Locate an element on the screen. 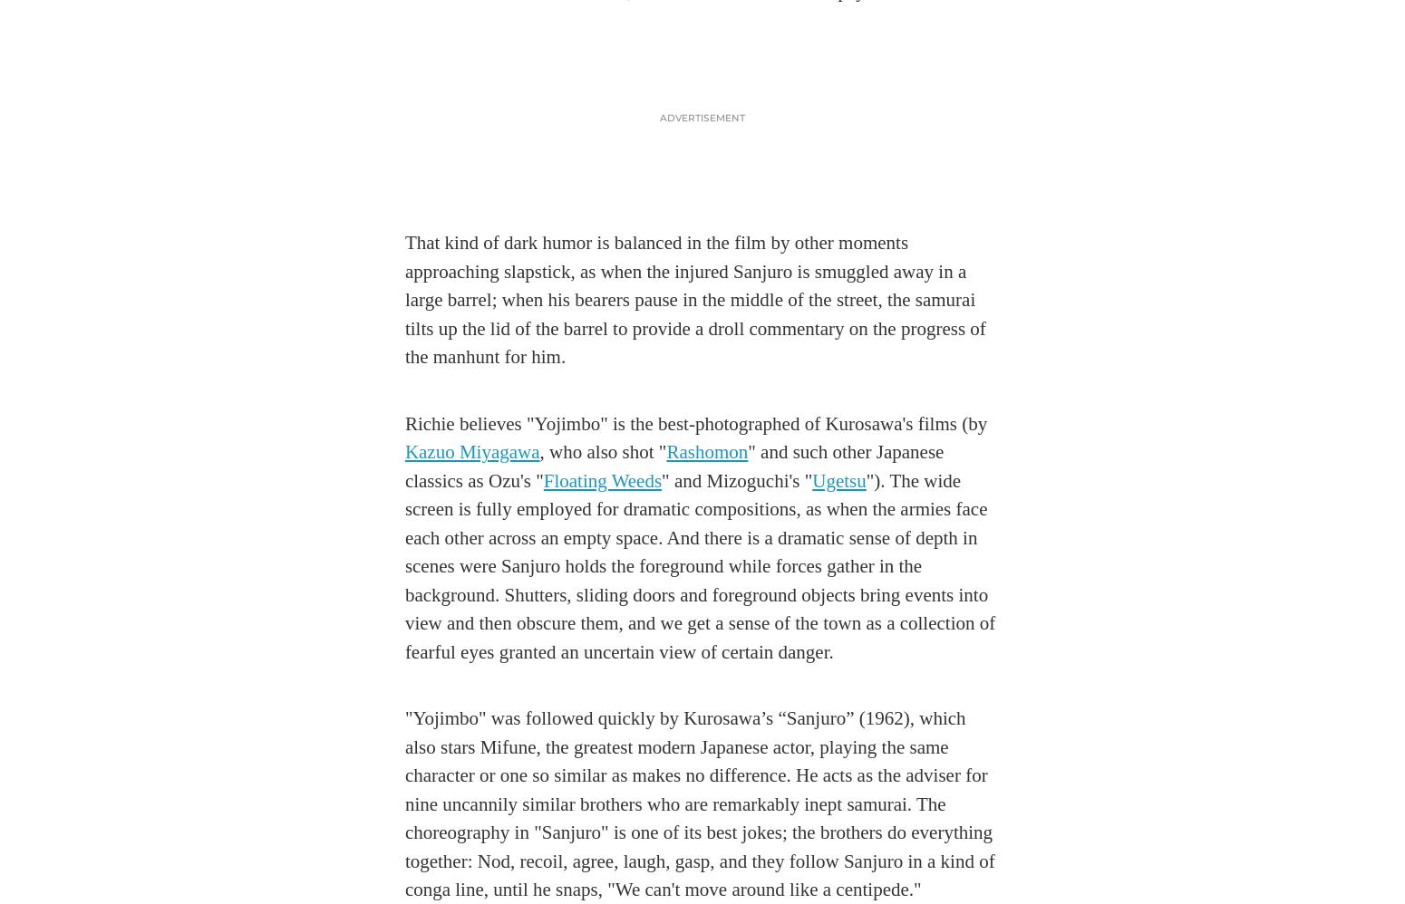 The width and height of the screenshot is (1405, 904). '"). The wide screen is fully employed for dramatic compositions, as when the armies face each other across an empty space. And there is a dramatic sense of depth in scenes were Sanjuro holds the foreground while forces gather in the background. Shutters, sliding doors and foreground objects bring events into view and then obscure them, and we get a sense of the town as a collection of fearful eyes granted an uncertain view of certain danger.' is located at coordinates (700, 565).